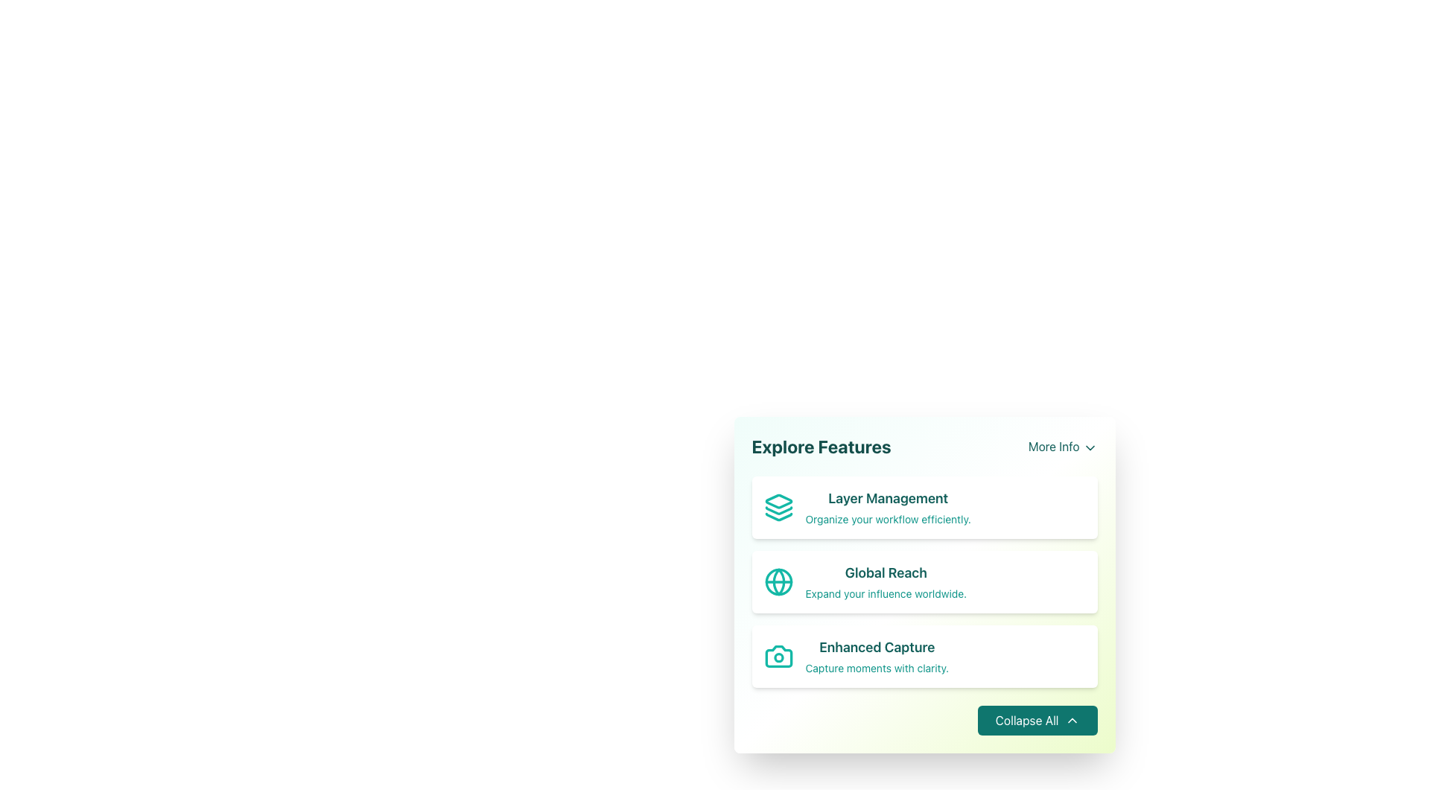 This screenshot has height=804, width=1430. I want to click on the collapse button located in the bottom-right corner of the card-like section, so click(1037, 720).